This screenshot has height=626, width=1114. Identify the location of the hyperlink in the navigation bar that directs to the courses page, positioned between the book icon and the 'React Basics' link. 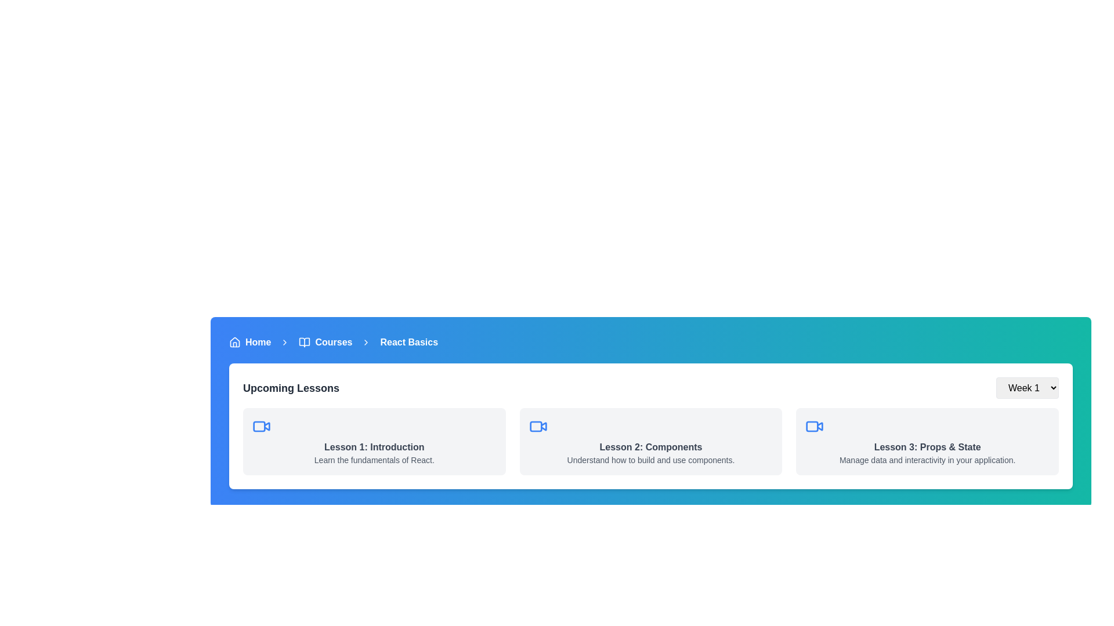
(333, 341).